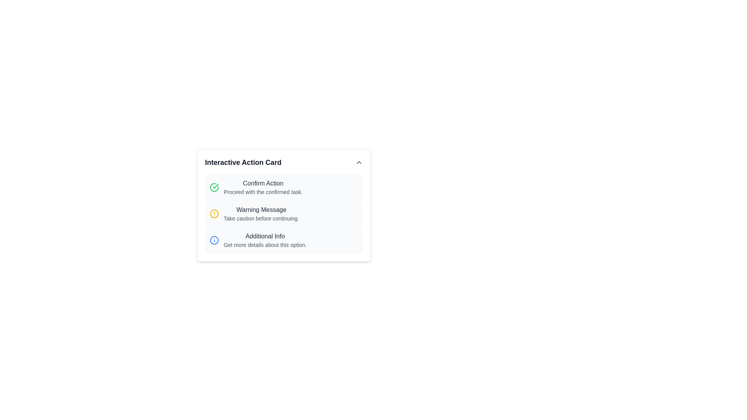 This screenshot has width=747, height=420. What do you see at coordinates (358, 162) in the screenshot?
I see `the collapsible toggle button, which is a small upward-pointing arrow icon with a dark gray outline located in the top-right section of the 'Interactive Action Card'` at bounding box center [358, 162].